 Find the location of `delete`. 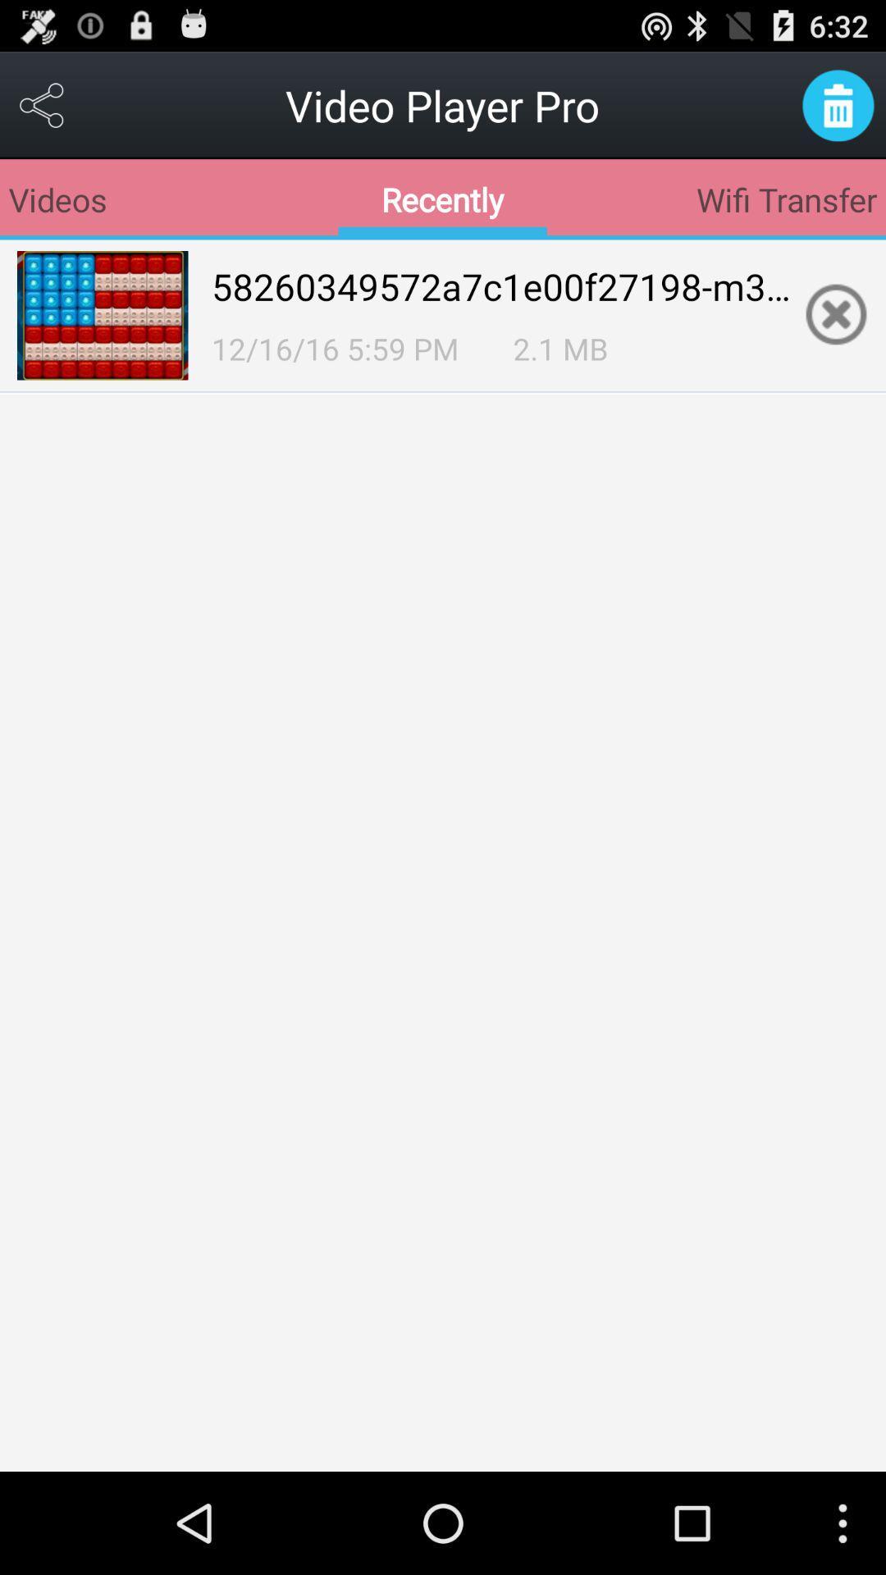

delete is located at coordinates (838, 104).